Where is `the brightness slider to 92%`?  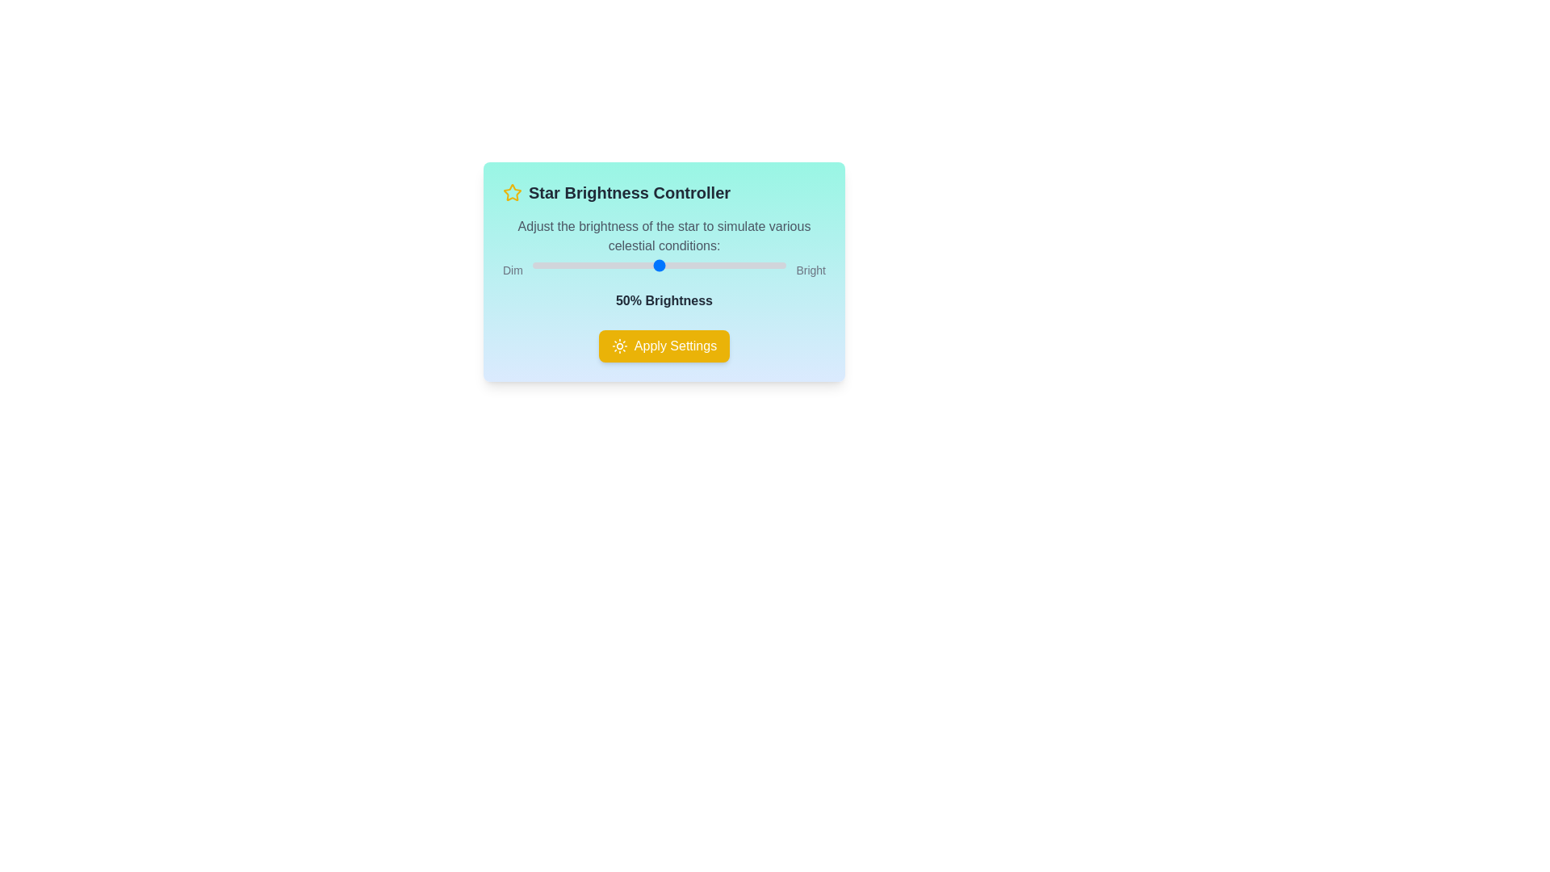 the brightness slider to 92% is located at coordinates (765, 264).